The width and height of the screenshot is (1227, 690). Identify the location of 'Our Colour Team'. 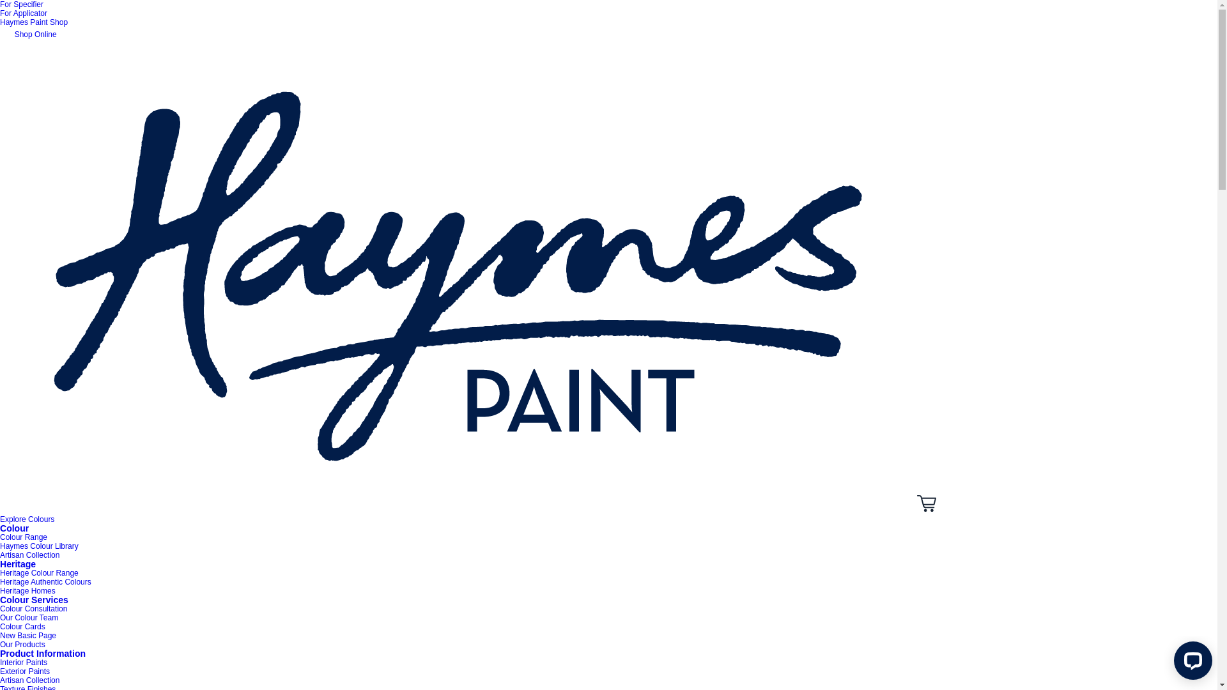
(0, 617).